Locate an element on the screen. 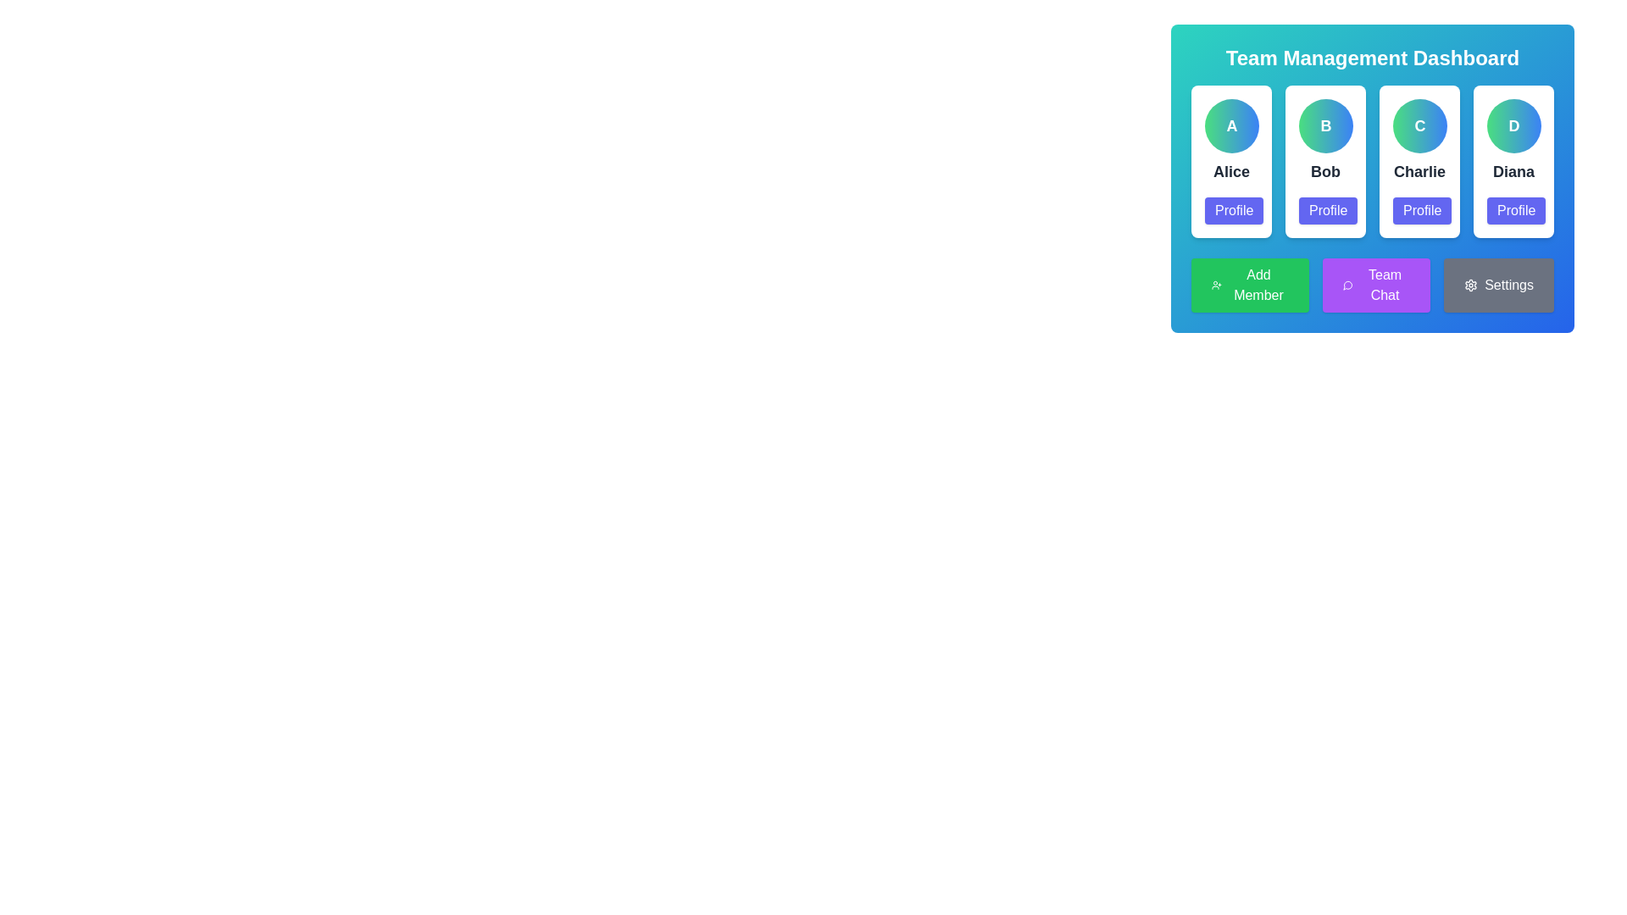  the circular user avatar button displaying the letter 'D' in white, bold text, located at the top of the panel for user Diana is located at coordinates (1513, 125).